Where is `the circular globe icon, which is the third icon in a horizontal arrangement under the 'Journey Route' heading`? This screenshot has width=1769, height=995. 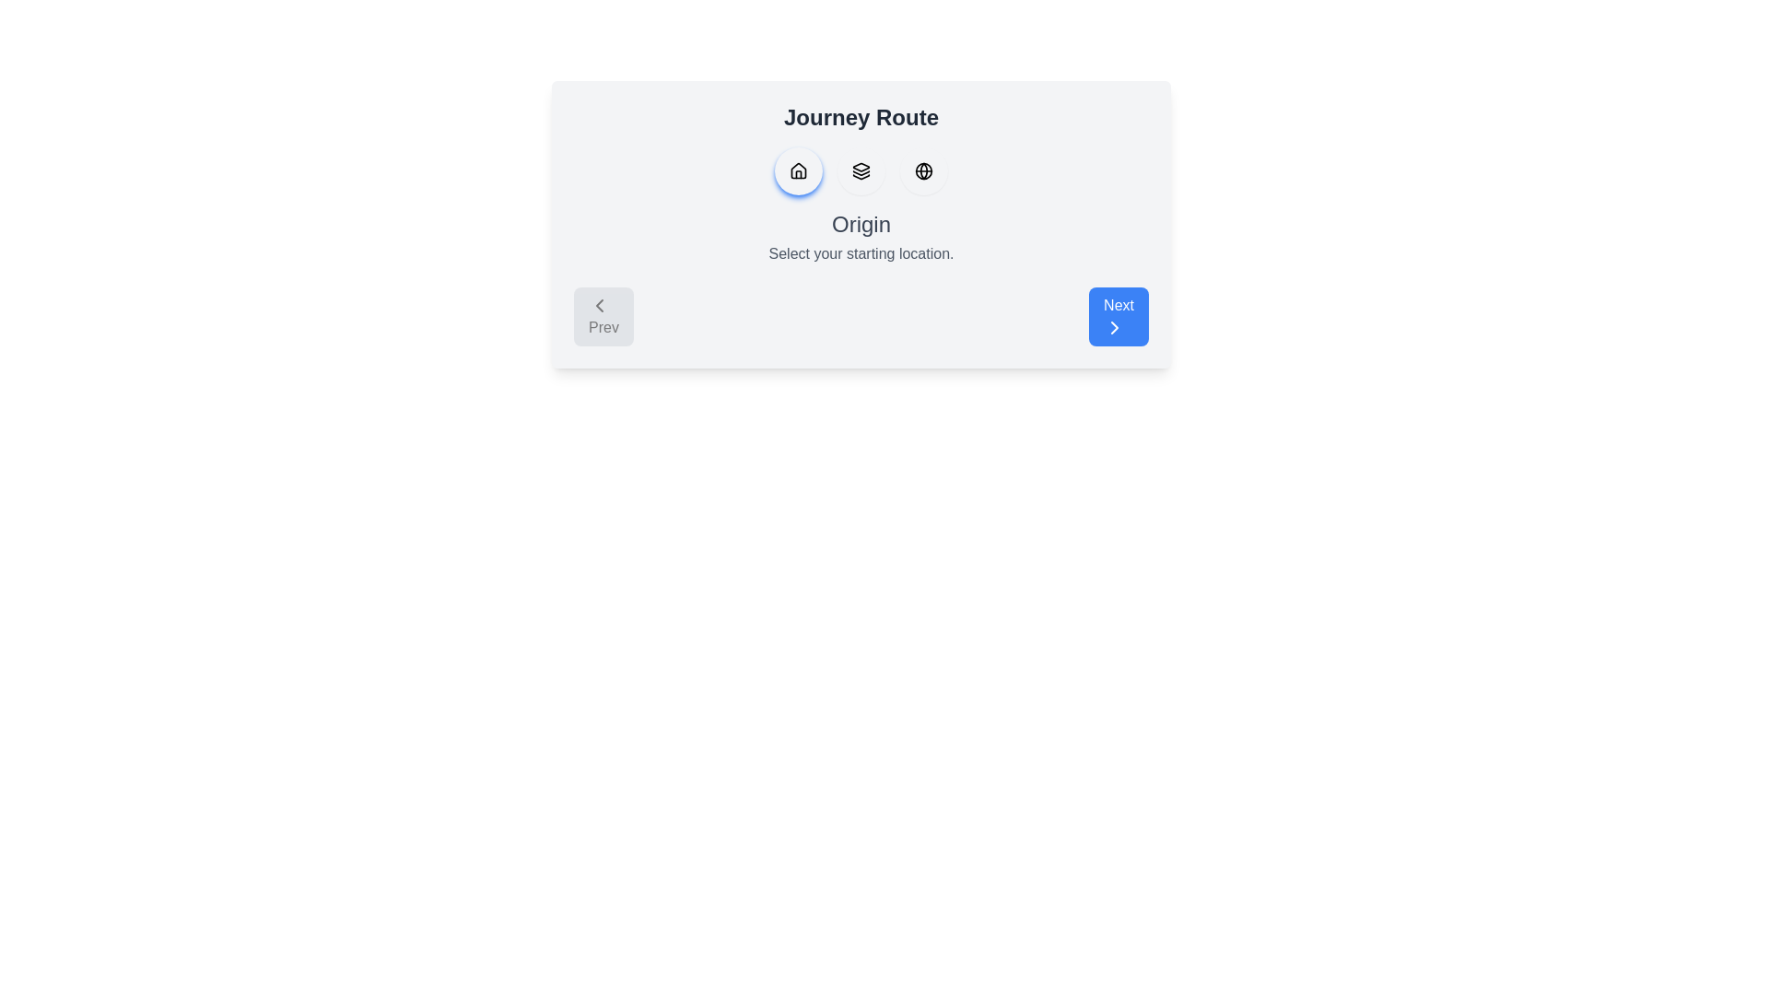 the circular globe icon, which is the third icon in a horizontal arrangement under the 'Journey Route' heading is located at coordinates (924, 170).